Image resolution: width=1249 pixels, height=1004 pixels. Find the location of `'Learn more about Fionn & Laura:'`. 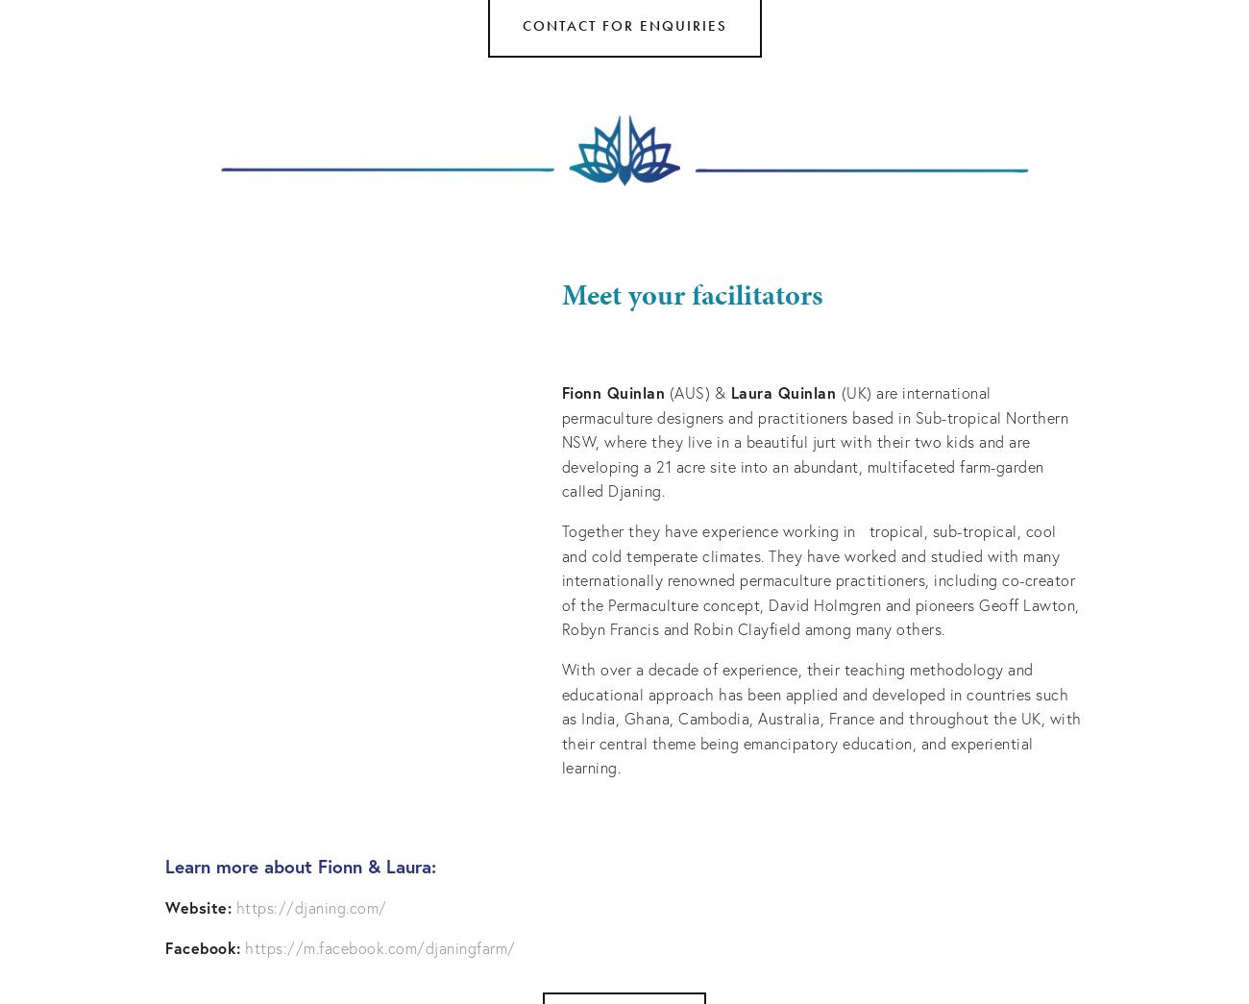

'Learn more about Fionn & Laura:' is located at coordinates (304, 865).